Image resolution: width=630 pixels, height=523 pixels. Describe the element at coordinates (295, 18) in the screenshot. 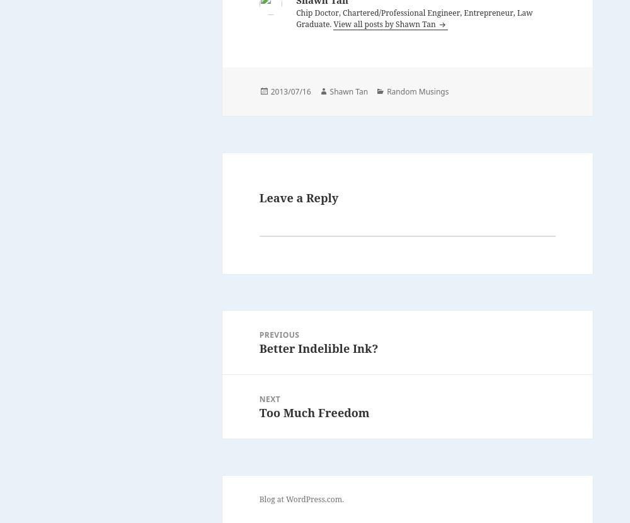

I see `'Chip Doctor, Chartered/Professional Engineer, Entrepreneur, Law Graduate.'` at that location.